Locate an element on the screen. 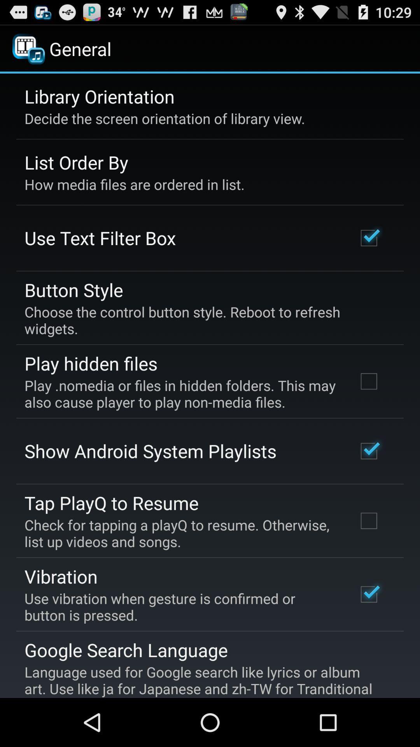 The height and width of the screenshot is (747, 420). decide the screen icon is located at coordinates (164, 118).